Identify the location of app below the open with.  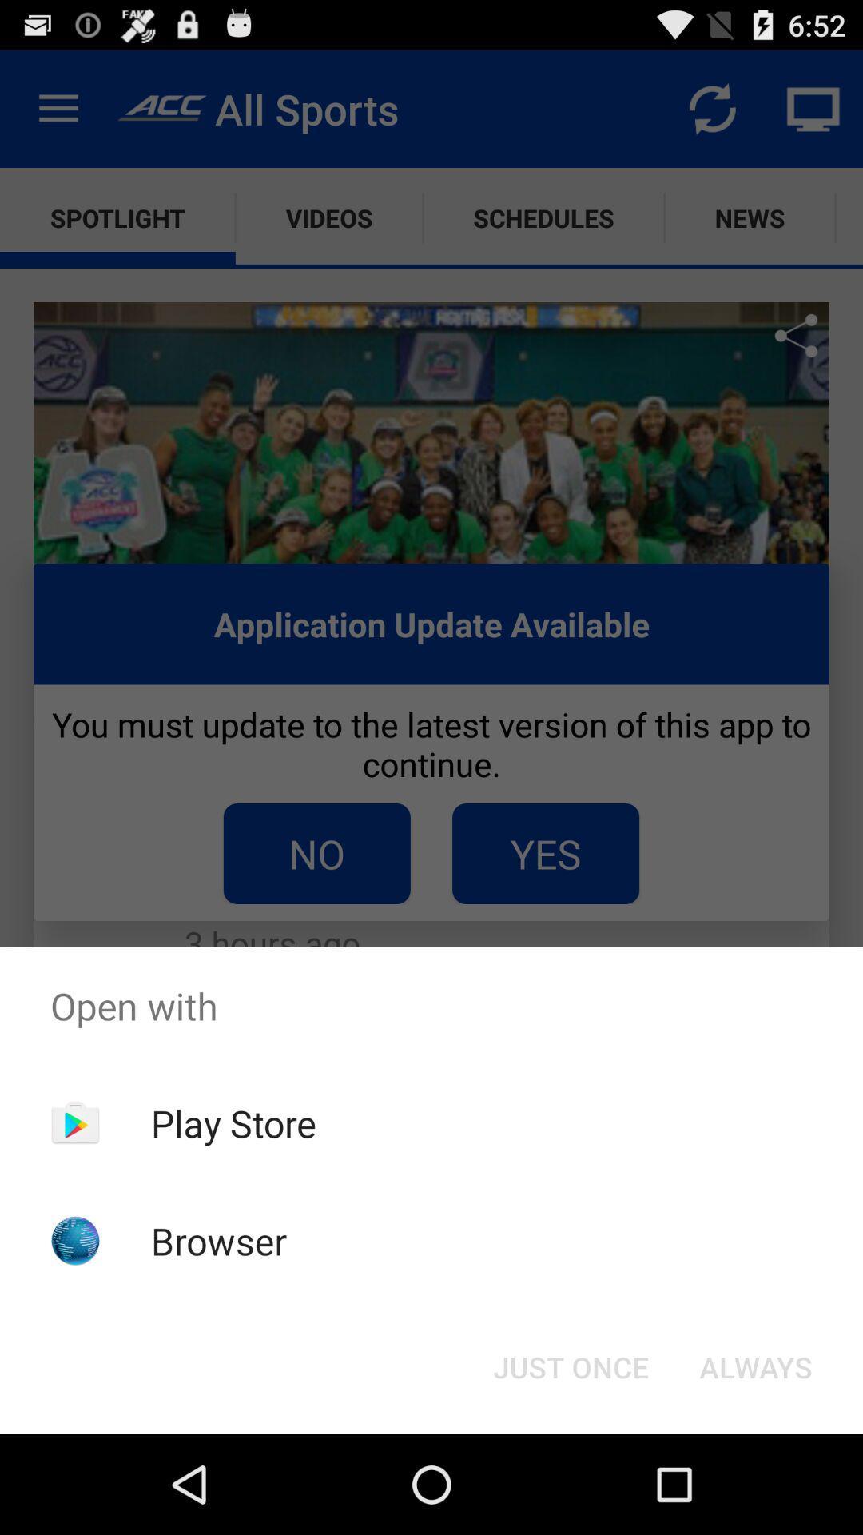
(233, 1122).